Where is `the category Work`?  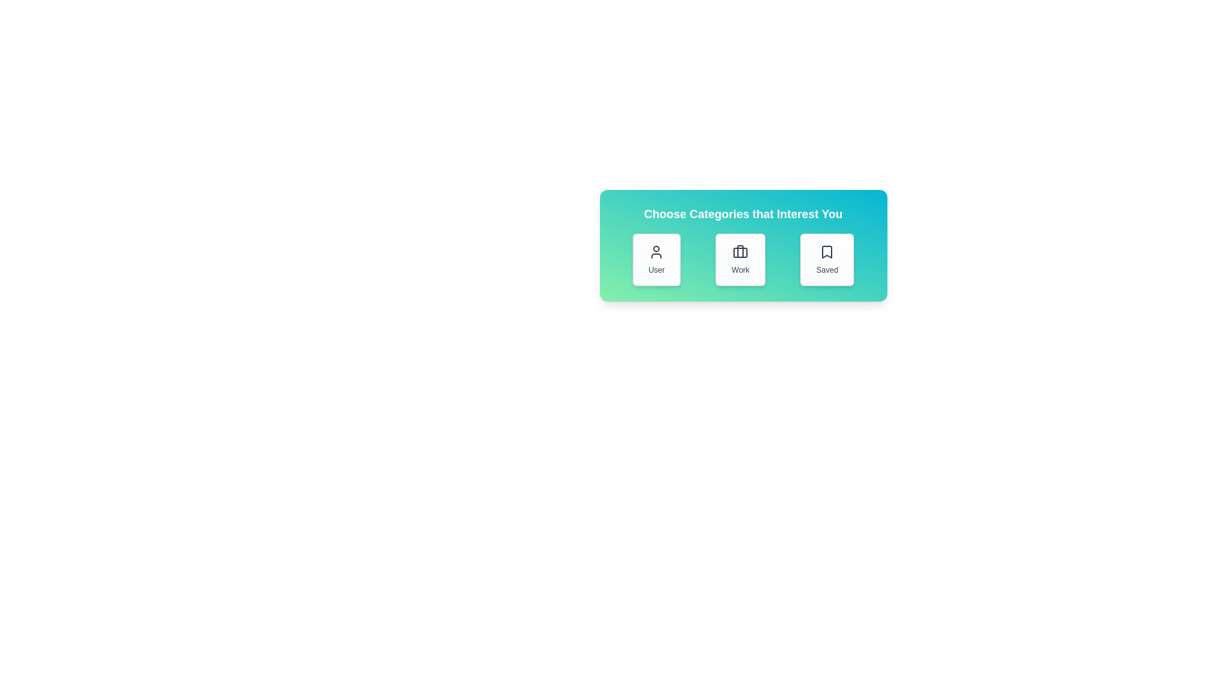 the category Work is located at coordinates (740, 260).